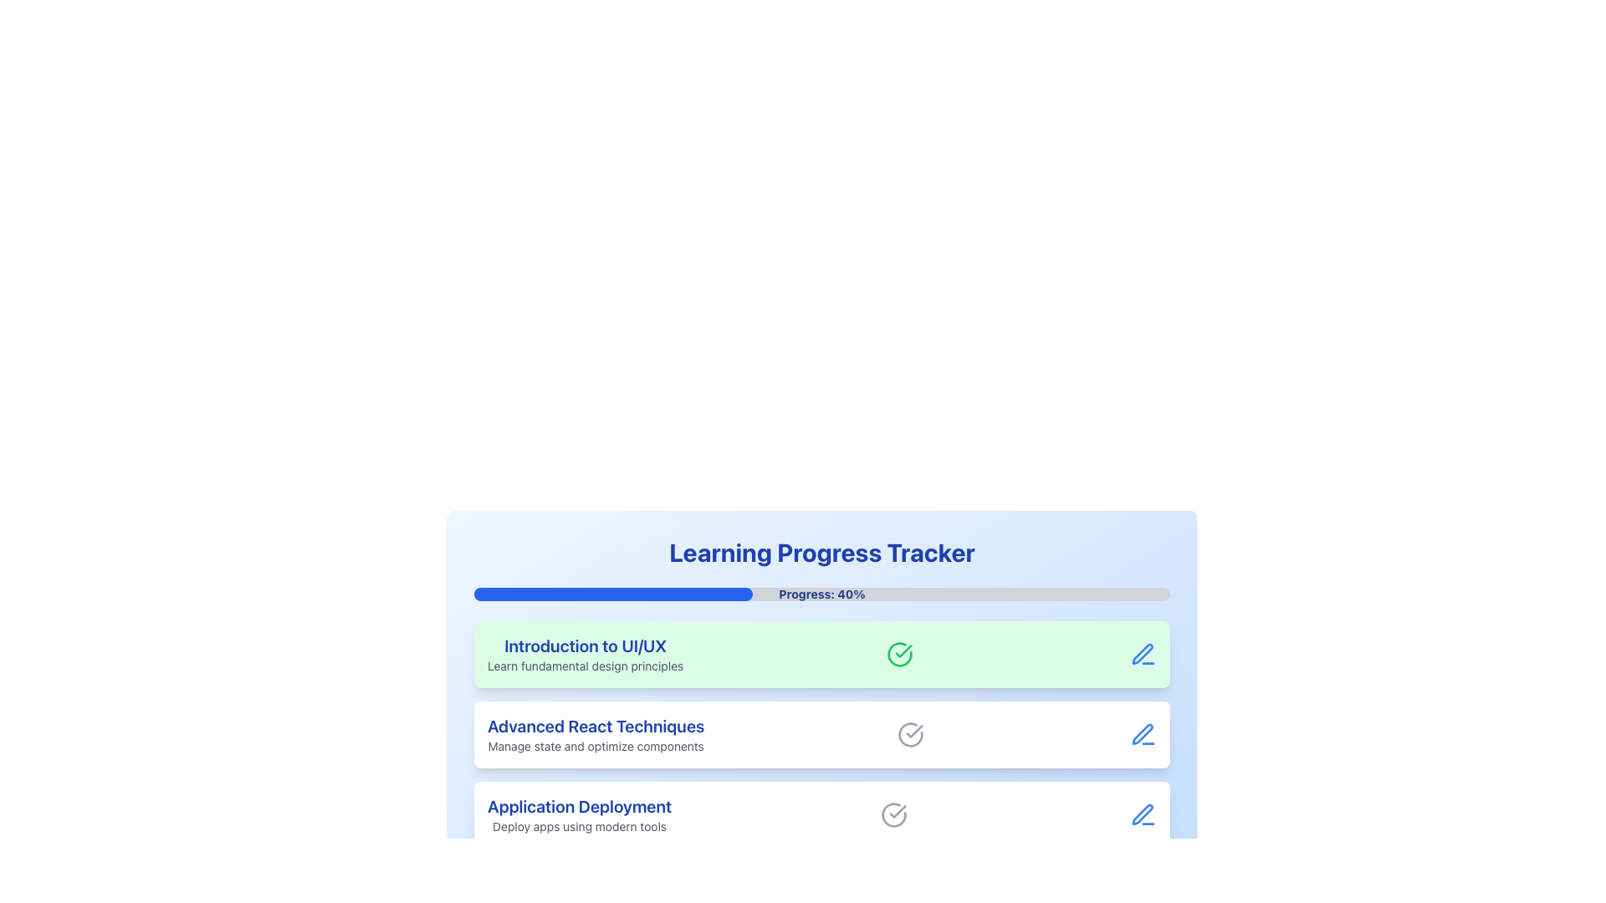 Image resolution: width=1606 pixels, height=903 pixels. What do you see at coordinates (586, 666) in the screenshot?
I see `the Static Text that provides additional information about the 'Introduction to UI/UX' section, located directly below the section title in the progress tracker` at bounding box center [586, 666].